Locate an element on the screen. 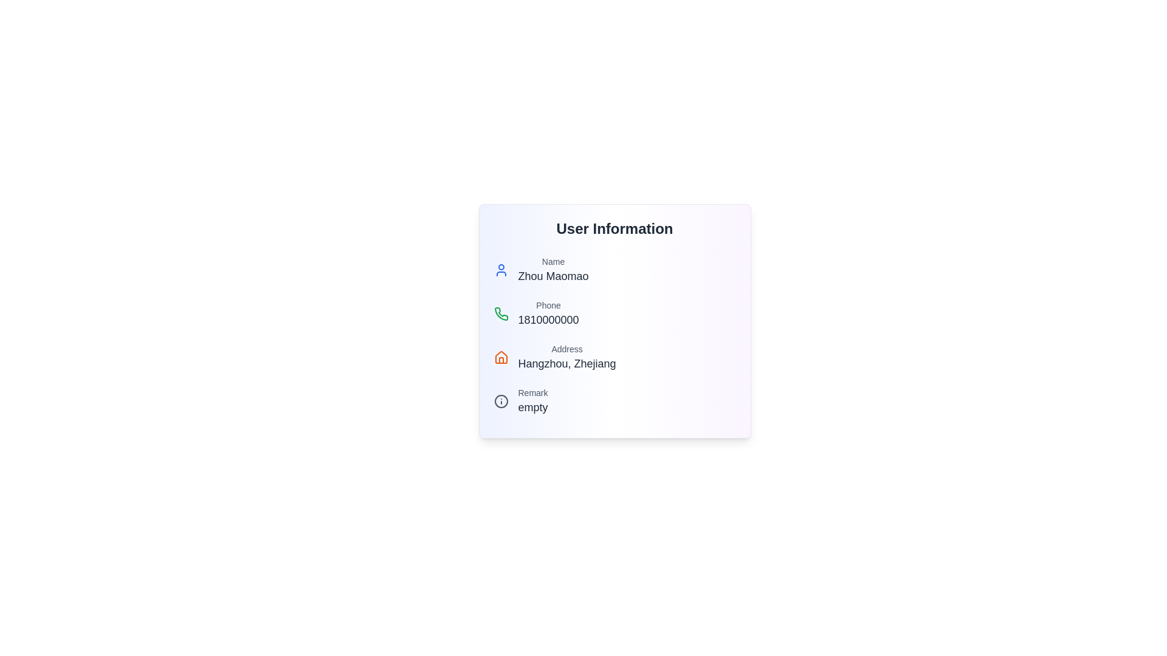  the icon with a circular border that has a small dot on top and a longer line below, which is located next to the text 'Remark empty' is located at coordinates (501, 401).